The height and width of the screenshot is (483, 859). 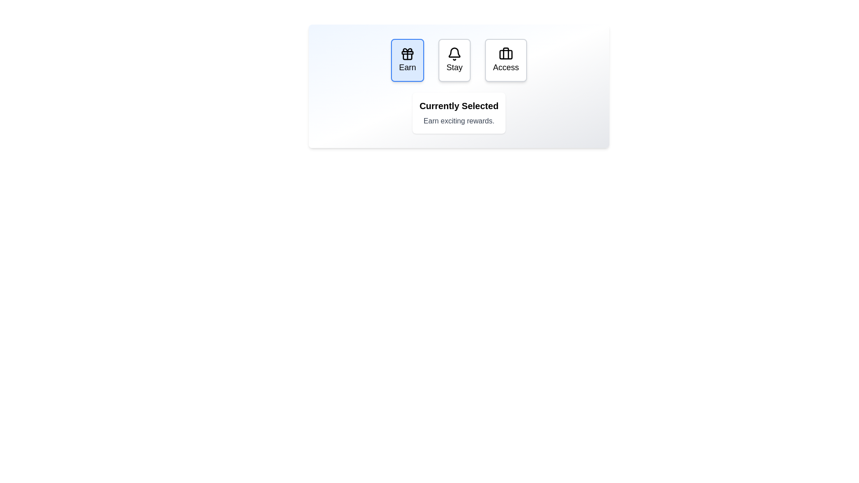 I want to click on decorative icon that represents earning or gifts, positioned at the top center of the 'Earn' card, above the text 'Earn', so click(x=407, y=54).